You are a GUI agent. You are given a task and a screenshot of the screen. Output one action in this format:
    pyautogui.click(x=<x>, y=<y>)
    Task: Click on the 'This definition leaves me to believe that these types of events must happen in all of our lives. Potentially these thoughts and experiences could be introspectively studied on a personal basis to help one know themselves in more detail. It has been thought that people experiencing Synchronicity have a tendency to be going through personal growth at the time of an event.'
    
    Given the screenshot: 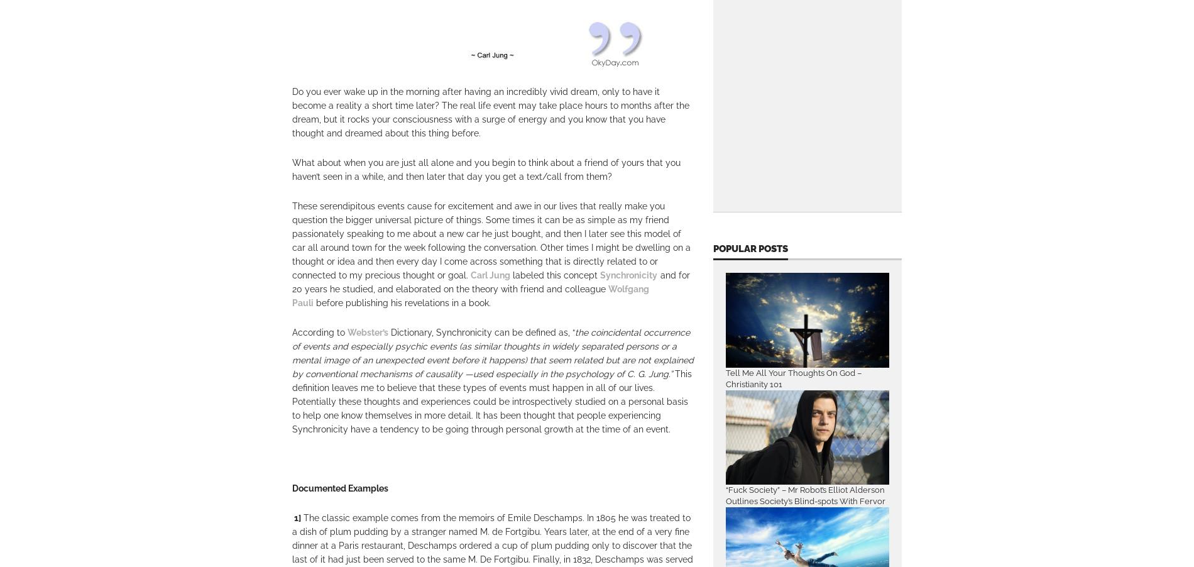 What is the action you would take?
    pyautogui.click(x=491, y=400)
    